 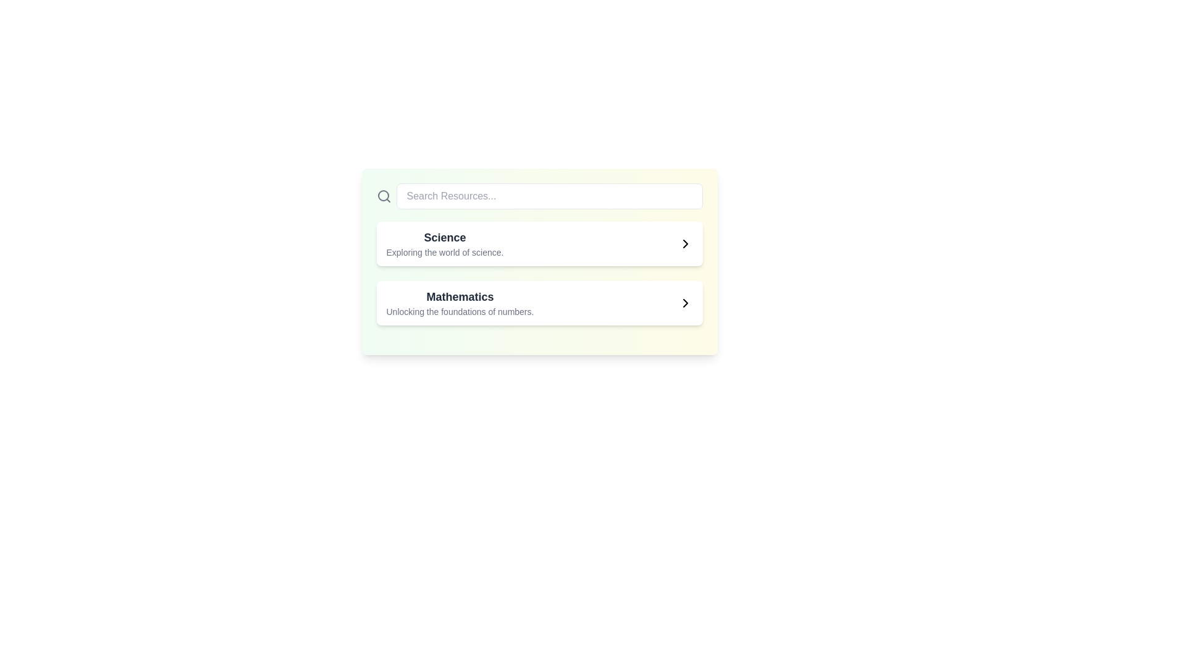 What do you see at coordinates (539, 243) in the screenshot?
I see `the 'Science' Clickable Card` at bounding box center [539, 243].